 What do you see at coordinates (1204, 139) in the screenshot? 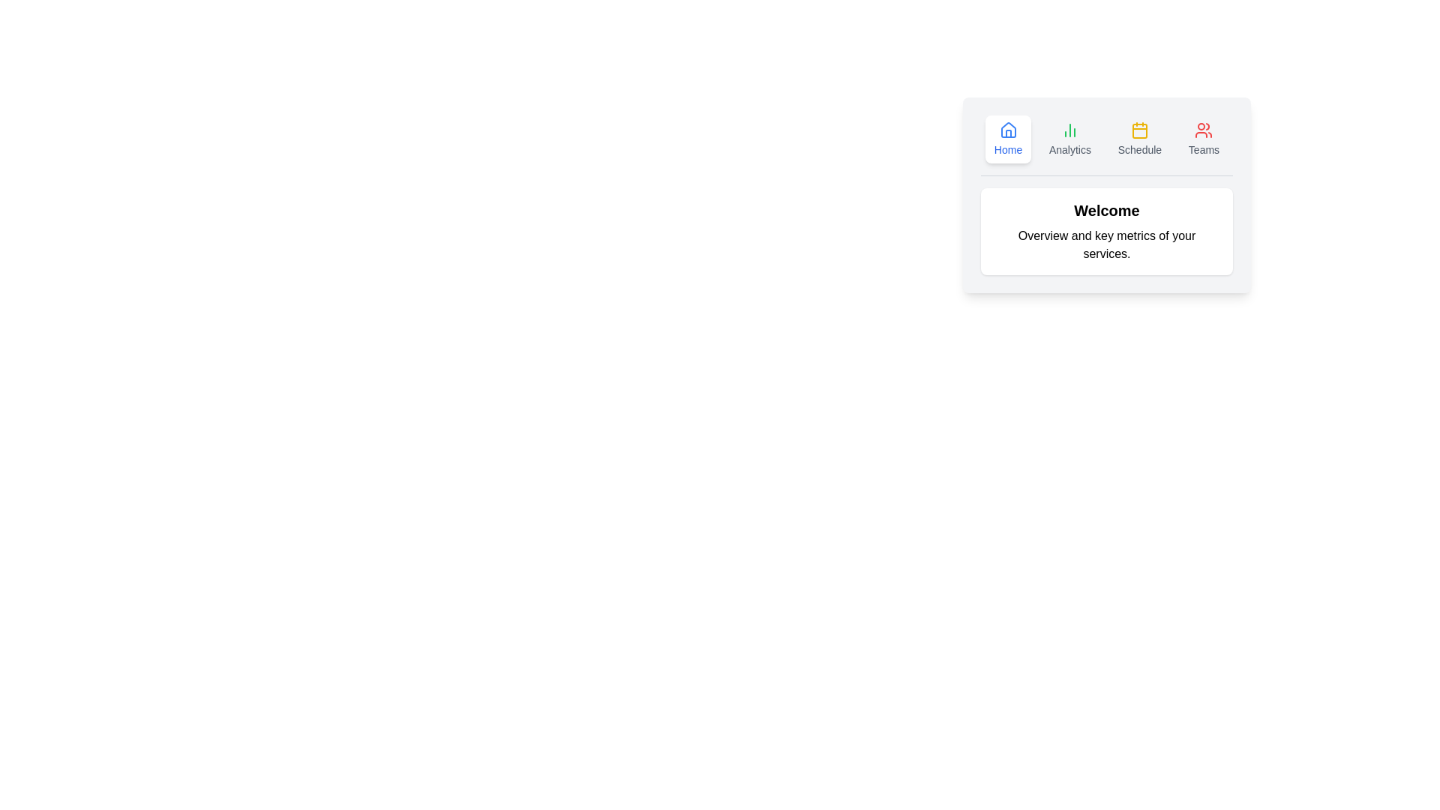
I see `the 'Teams' button, which is the fourth button in a horizontal group of four` at bounding box center [1204, 139].